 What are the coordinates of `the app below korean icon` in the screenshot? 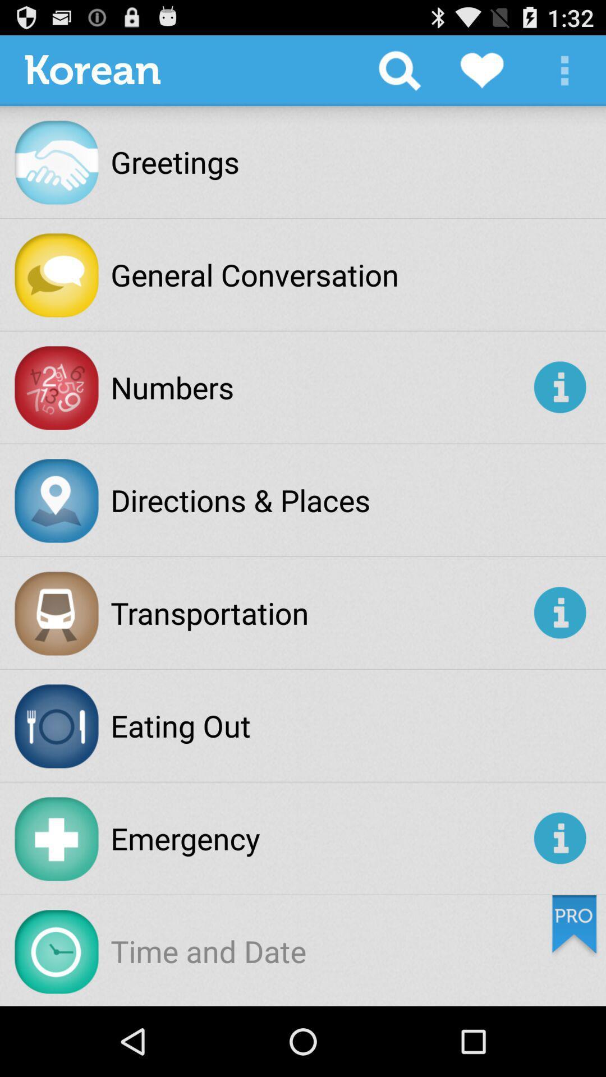 It's located at (175, 161).